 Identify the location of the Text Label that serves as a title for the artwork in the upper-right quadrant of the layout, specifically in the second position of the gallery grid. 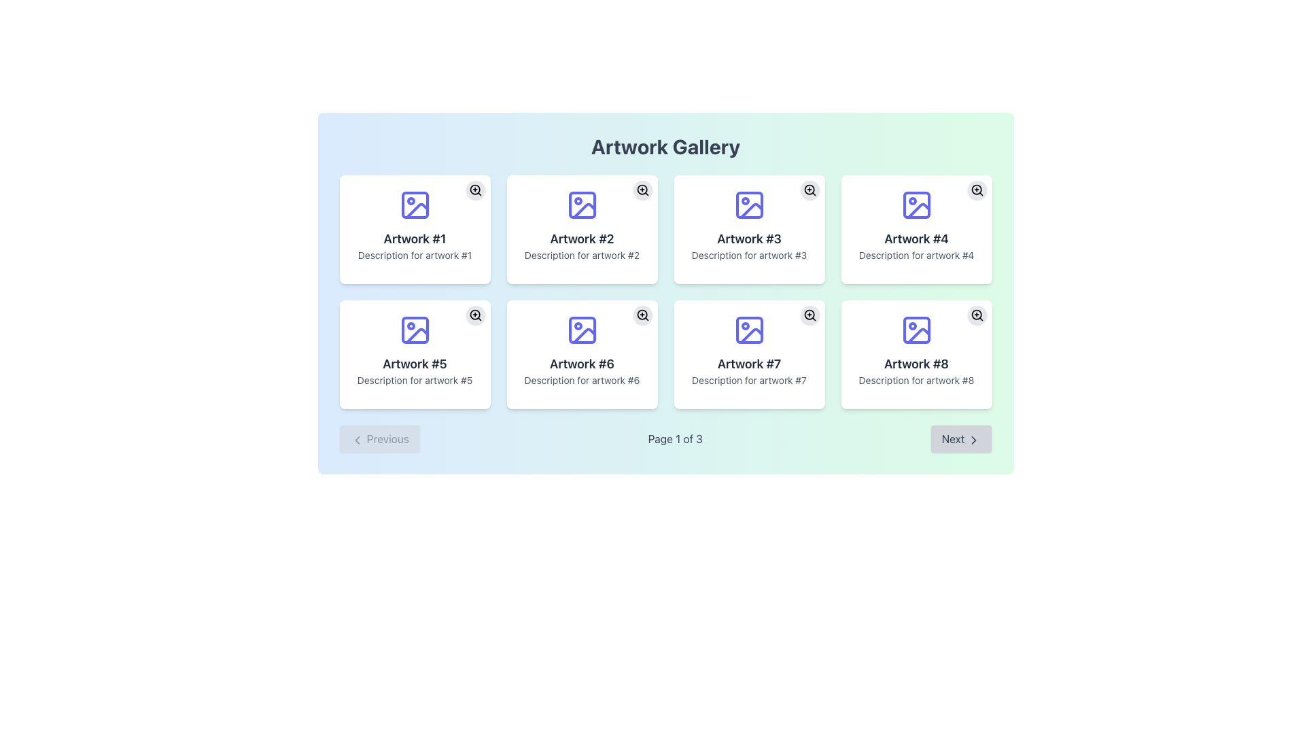
(582, 238).